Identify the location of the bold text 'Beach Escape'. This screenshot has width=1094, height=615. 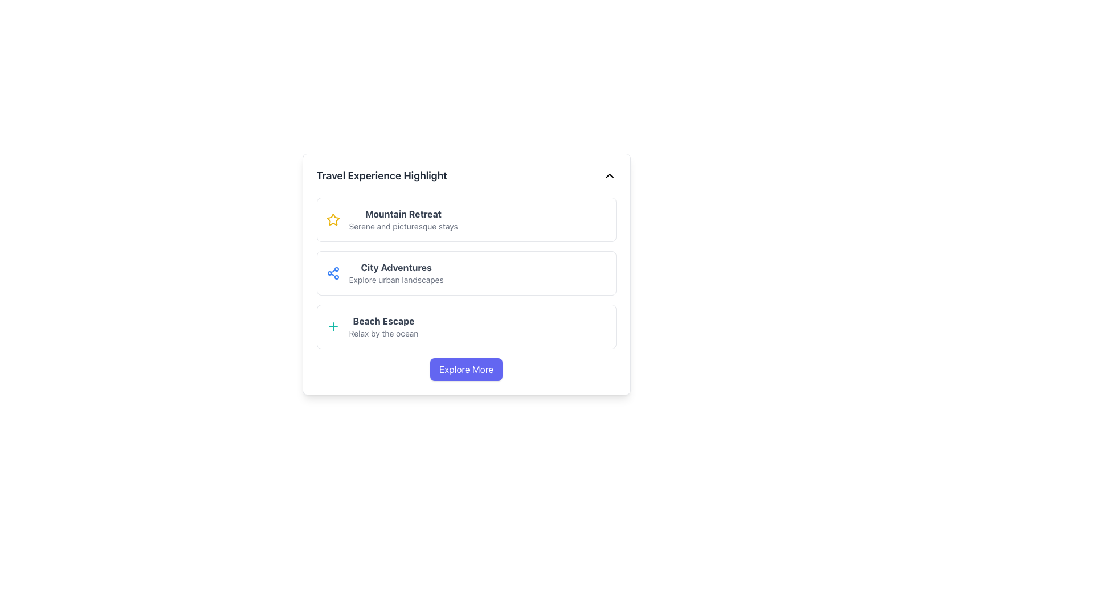
(383, 321).